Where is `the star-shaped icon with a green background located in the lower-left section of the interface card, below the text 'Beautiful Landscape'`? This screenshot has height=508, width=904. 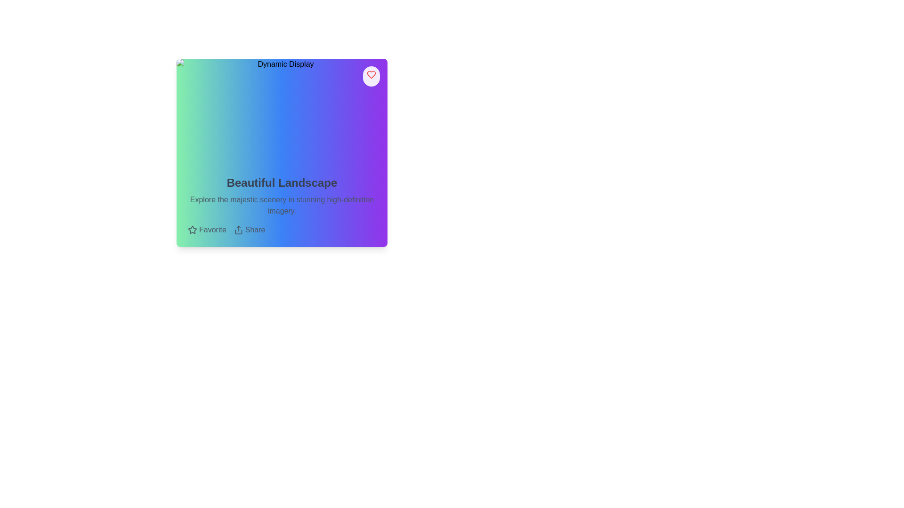
the star-shaped icon with a green background located in the lower-left section of the interface card, below the text 'Beautiful Landscape' is located at coordinates (192, 230).